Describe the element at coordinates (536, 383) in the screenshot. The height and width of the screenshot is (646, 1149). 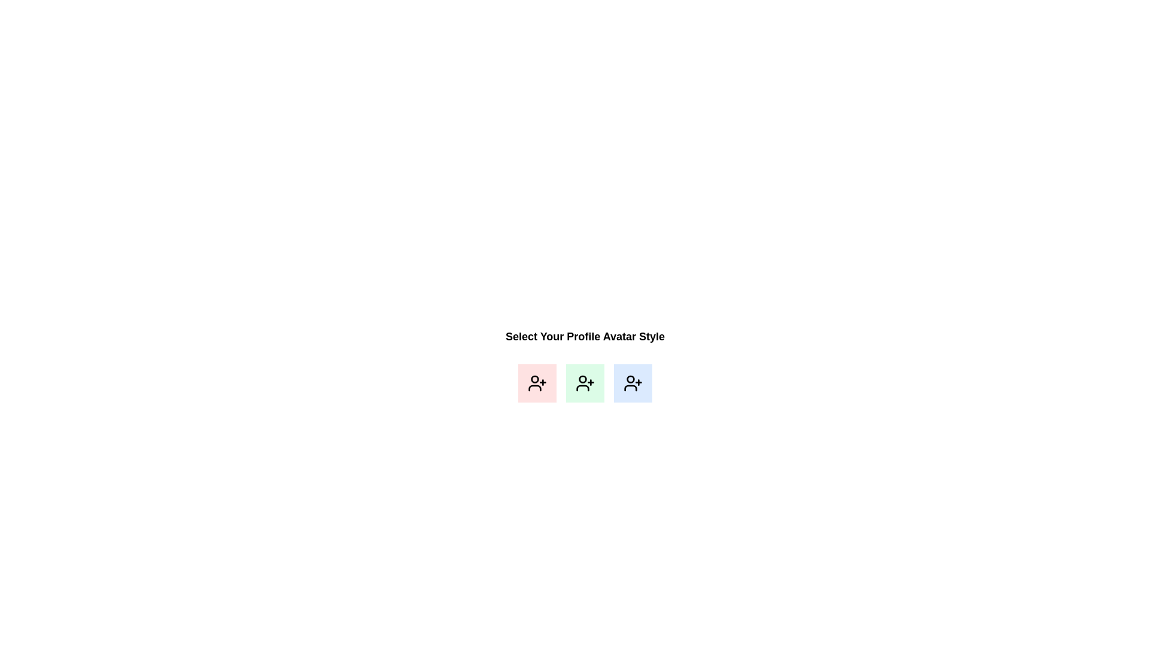
I see `the leftmost red square button with a user-plus icon, which is part of a row of three buttons beneath the title 'Select Your Profile Avatar Style'` at that location.